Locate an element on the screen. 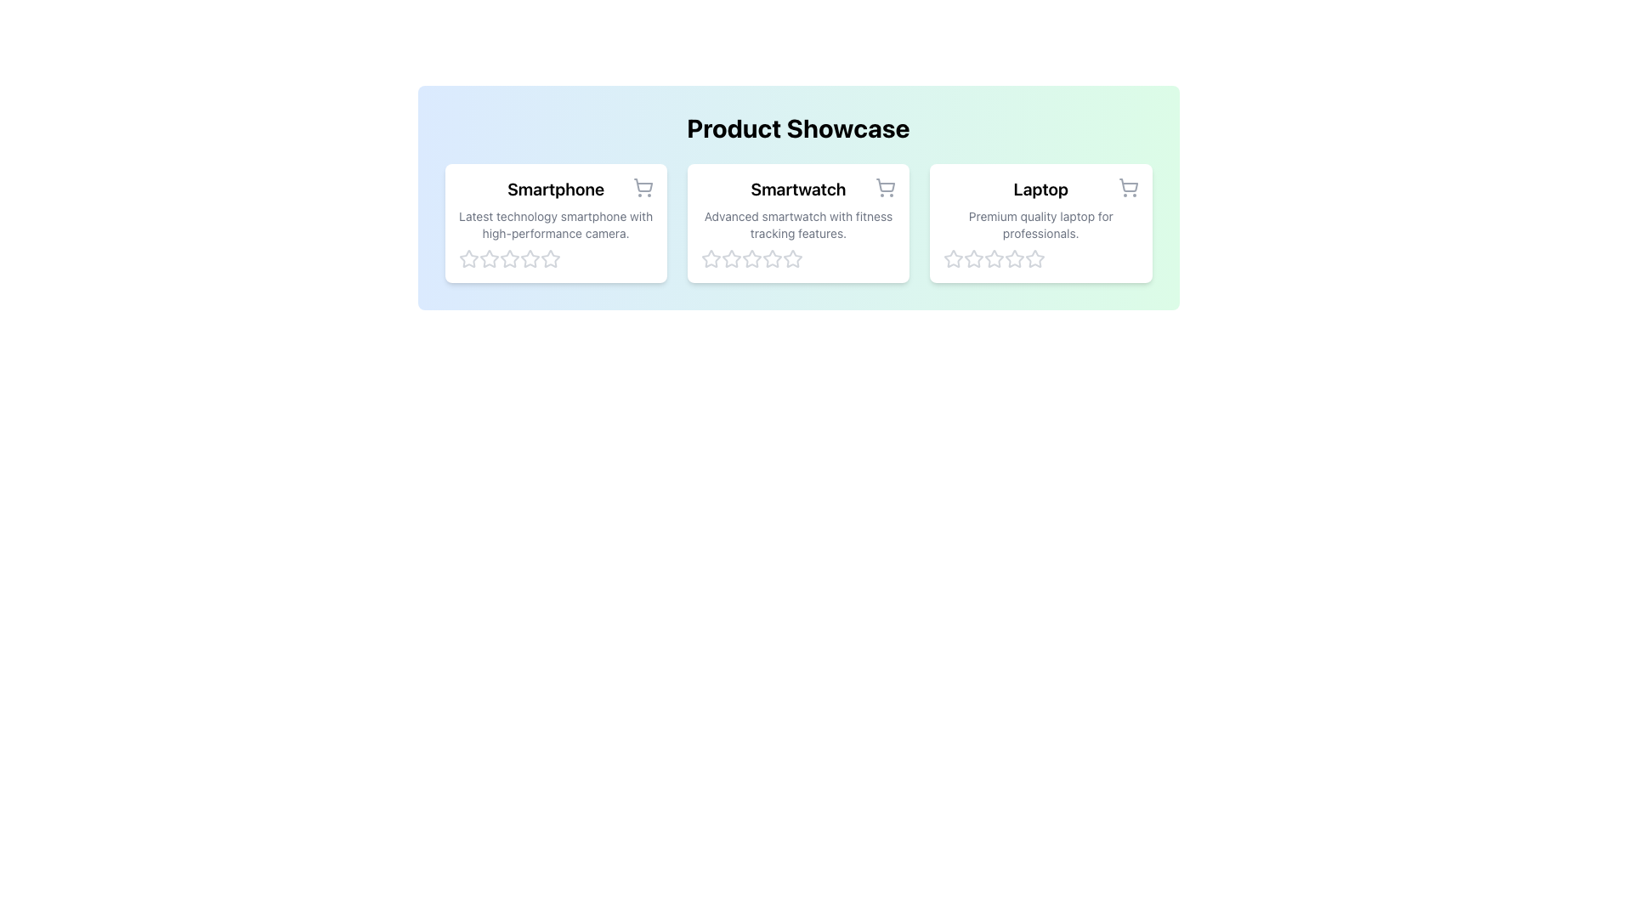 The height and width of the screenshot is (918, 1632). the third star icon in the rating interface for the smartwatch product is located at coordinates (791, 258).